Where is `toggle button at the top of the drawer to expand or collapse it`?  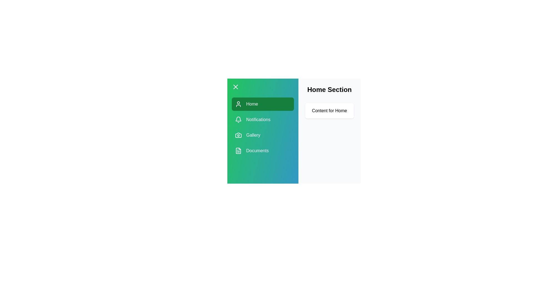
toggle button at the top of the drawer to expand or collapse it is located at coordinates (236, 87).